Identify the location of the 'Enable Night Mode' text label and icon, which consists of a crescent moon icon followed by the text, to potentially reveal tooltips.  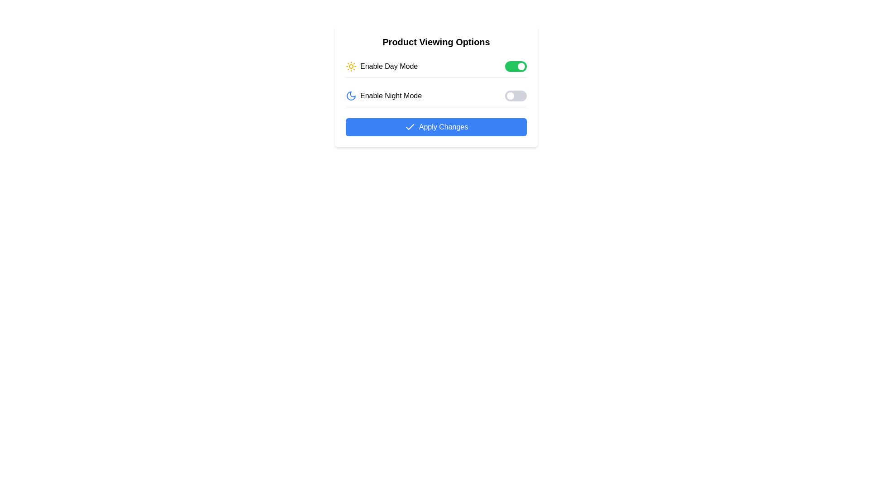
(384, 96).